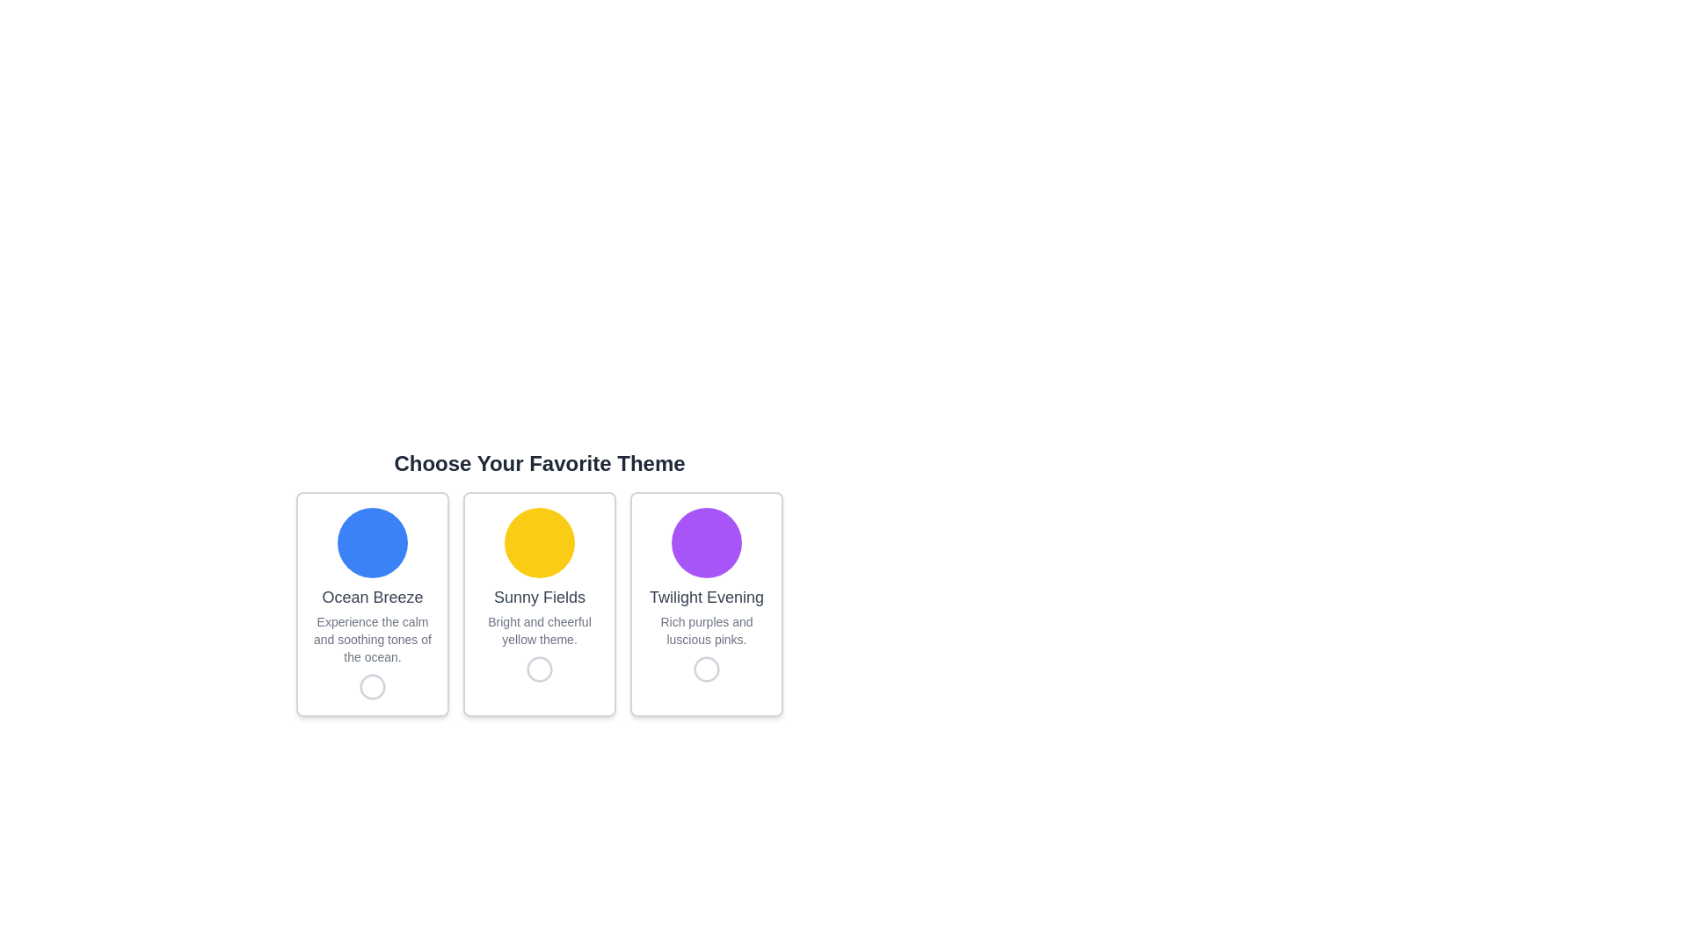 This screenshot has height=949, width=1688. I want to click on displayed text of the Text label serving as a title for the 'Twilight Evening' theme option, located below a circular purple graphic in the card layout, so click(707, 596).